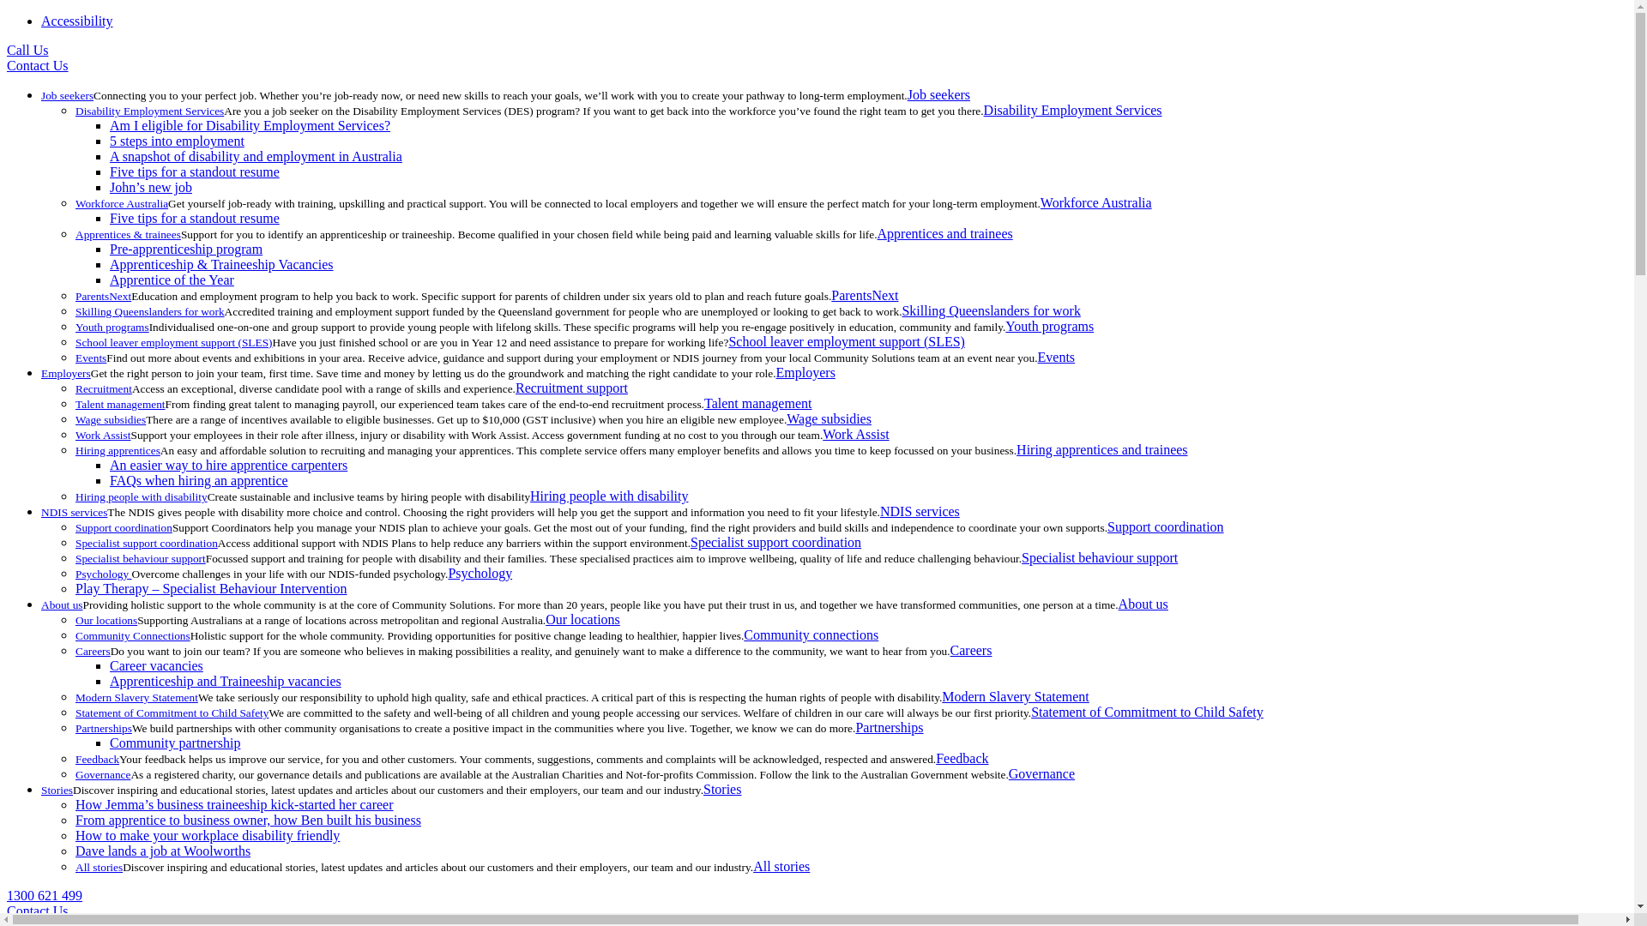 The image size is (1647, 926). I want to click on 'Recruitment support', so click(571, 388).